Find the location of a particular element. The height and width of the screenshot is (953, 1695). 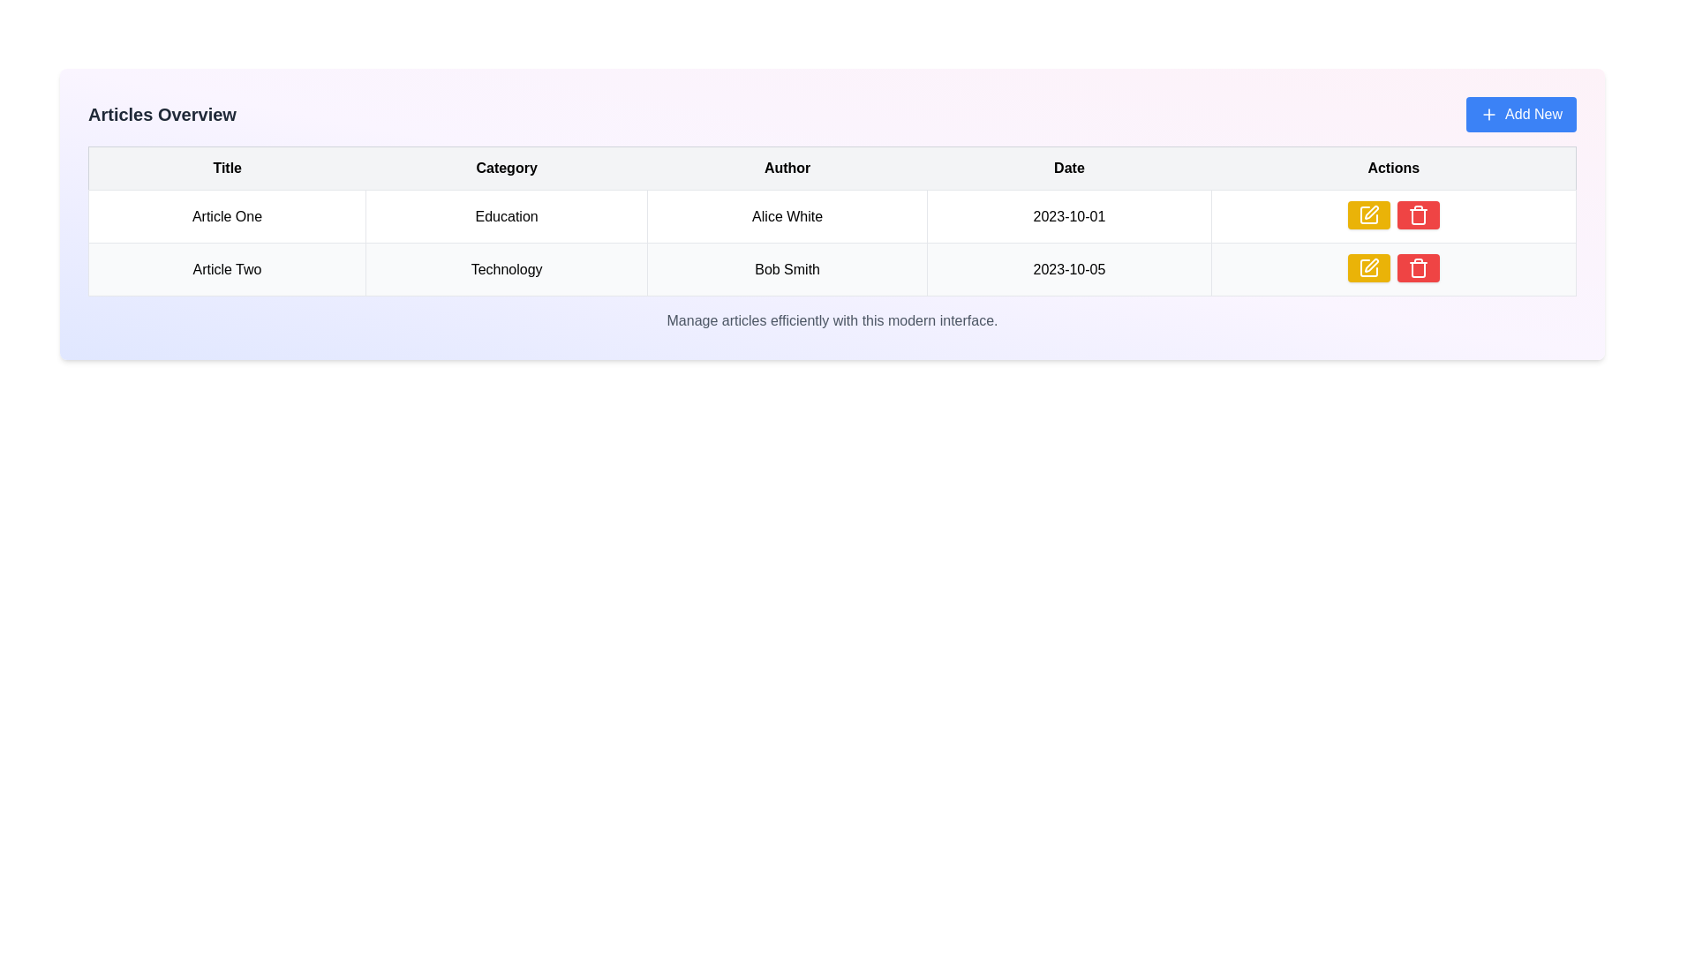

the Table Cell displaying the date value in the fourth column of the first row, located between 'Alice White' and the 'Actions' column is located at coordinates (1068, 215).